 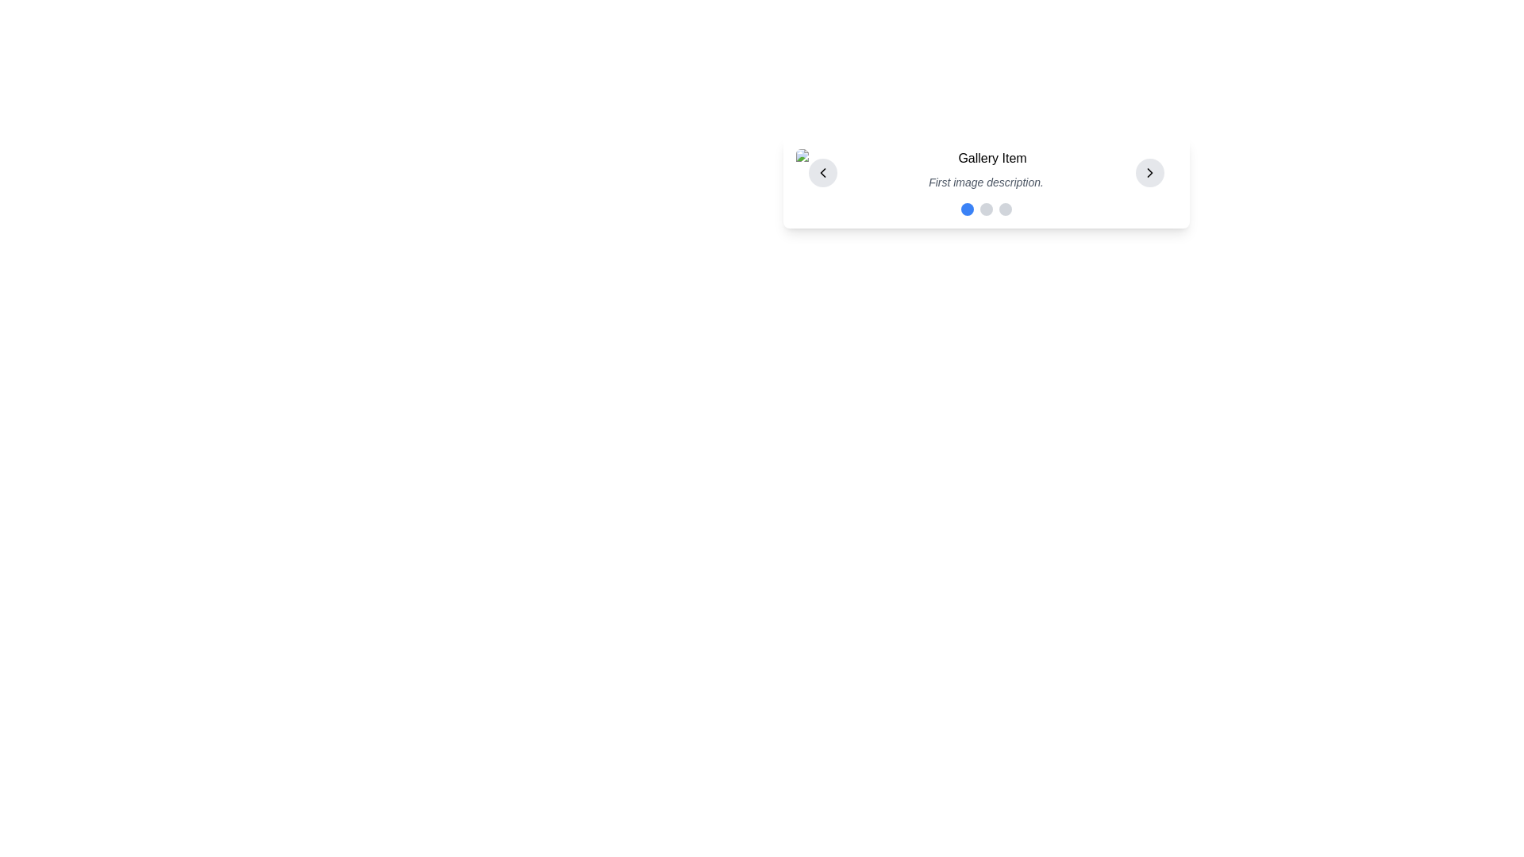 What do you see at coordinates (1149, 173) in the screenshot?
I see `the circular button with a gray background and a right-pointing chevron icon` at bounding box center [1149, 173].